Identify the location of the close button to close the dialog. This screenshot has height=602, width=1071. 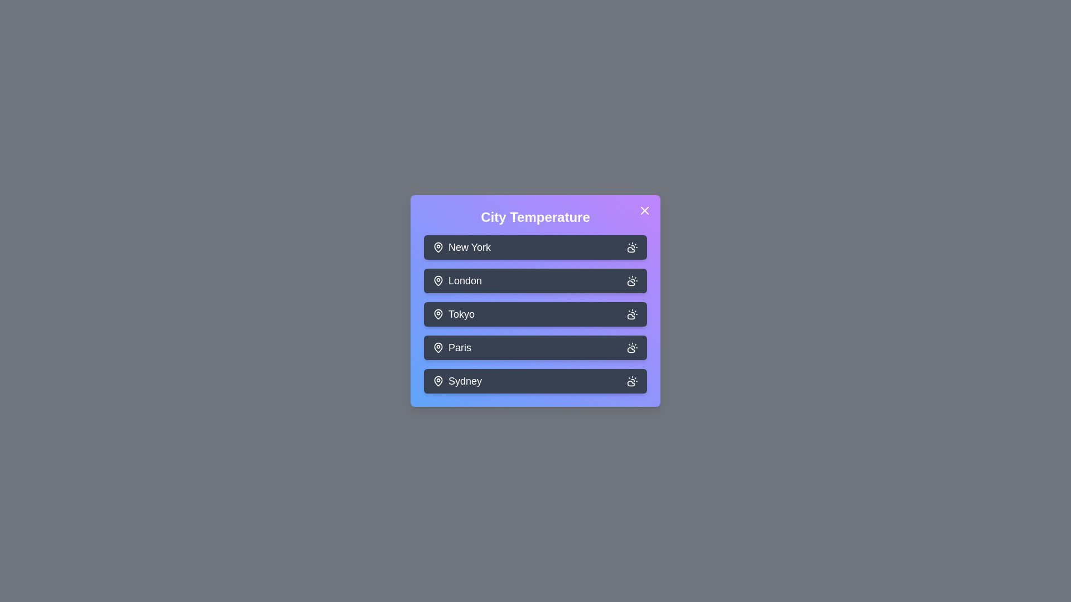
(645, 211).